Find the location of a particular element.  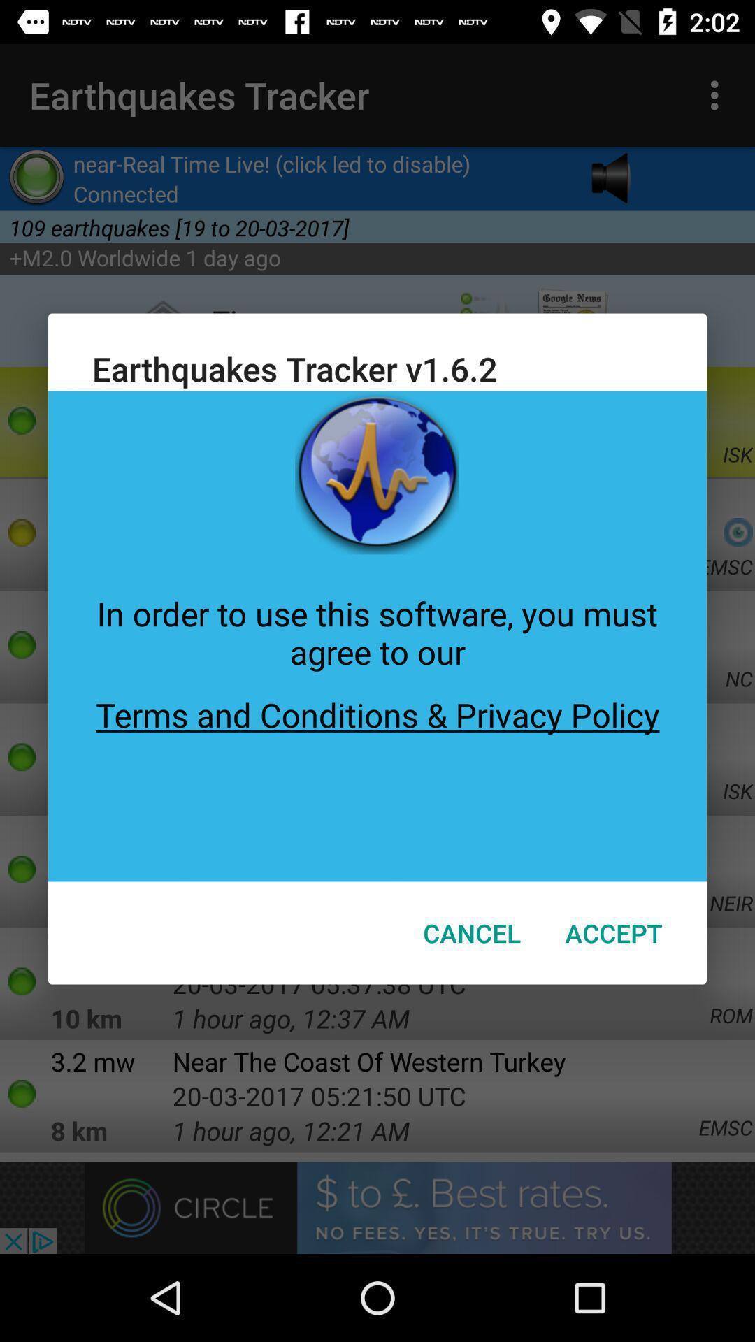

the icon below terms and conditions item is located at coordinates (472, 932).